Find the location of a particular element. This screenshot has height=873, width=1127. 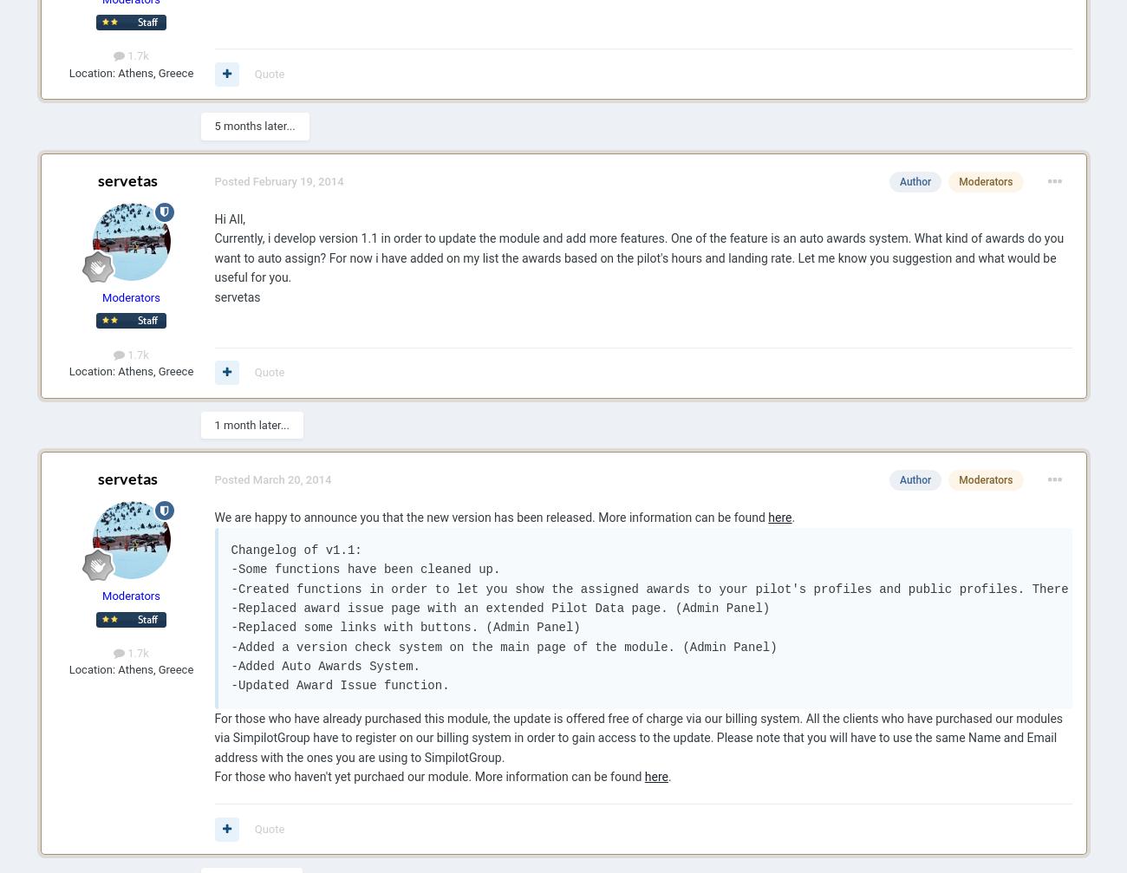

'We are happy to announce you that the new version has been released. More information can be found' is located at coordinates (490, 517).